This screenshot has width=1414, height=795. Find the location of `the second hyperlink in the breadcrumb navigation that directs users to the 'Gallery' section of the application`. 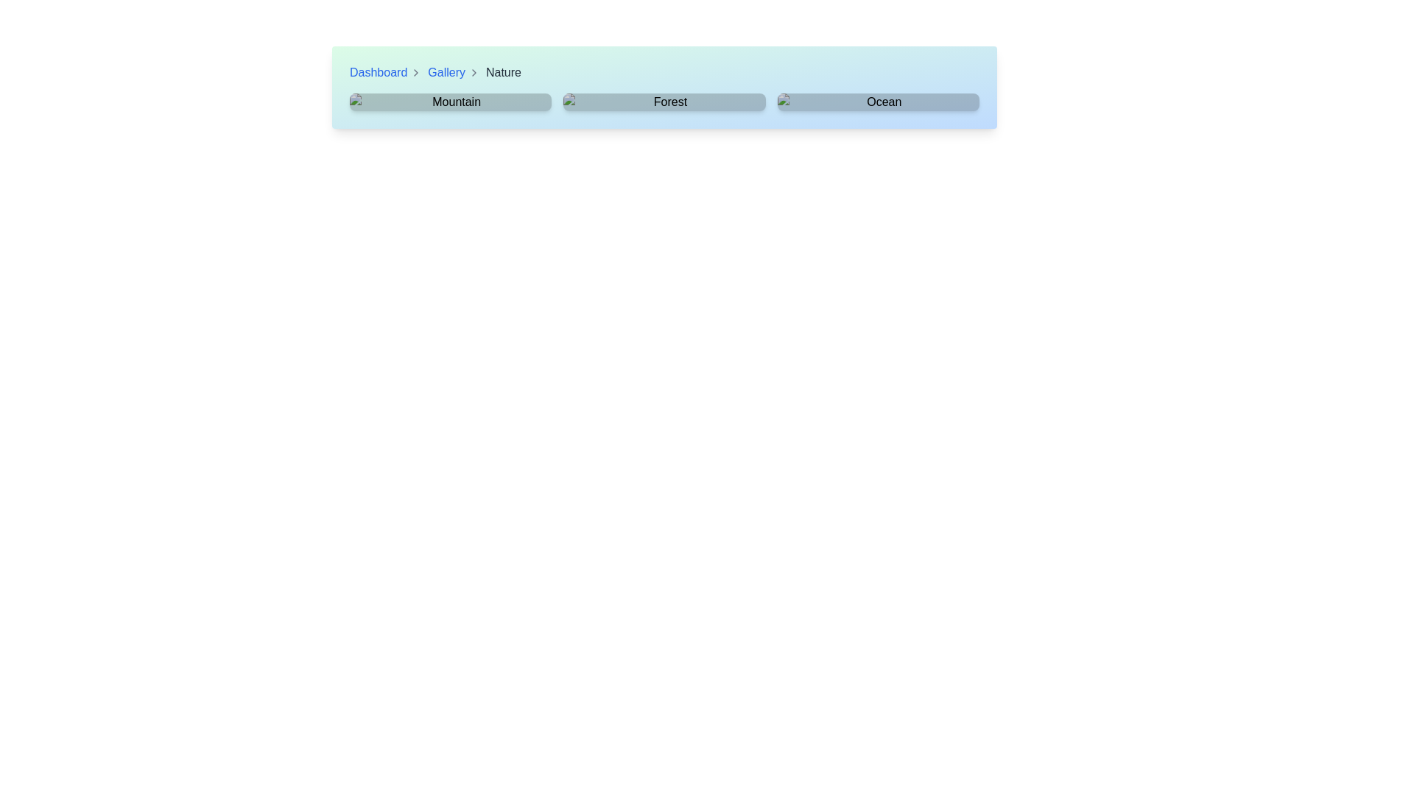

the second hyperlink in the breadcrumb navigation that directs users to the 'Gallery' section of the application is located at coordinates (446, 73).